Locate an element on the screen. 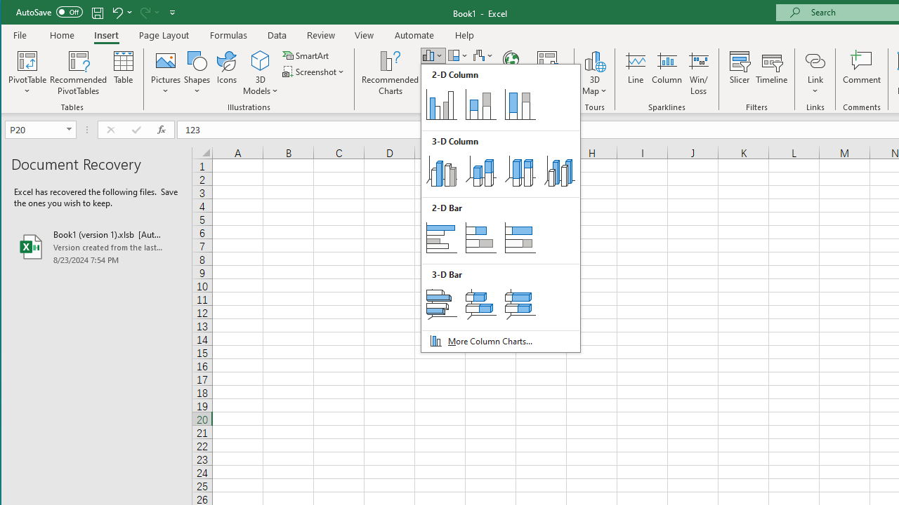  'Comment' is located at coordinates (861, 73).